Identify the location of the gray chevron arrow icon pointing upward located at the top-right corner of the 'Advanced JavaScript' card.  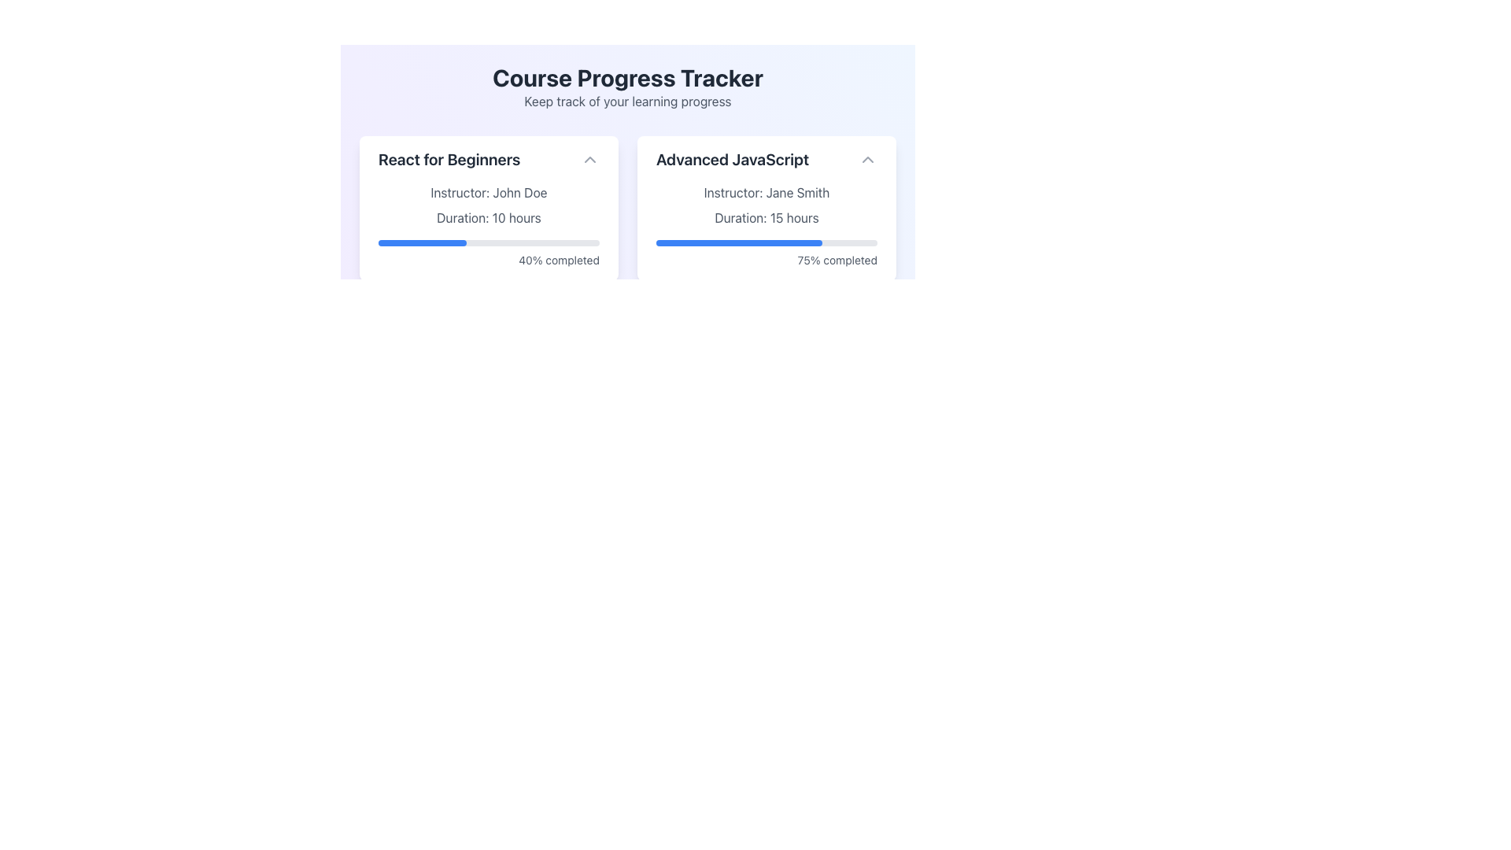
(867, 160).